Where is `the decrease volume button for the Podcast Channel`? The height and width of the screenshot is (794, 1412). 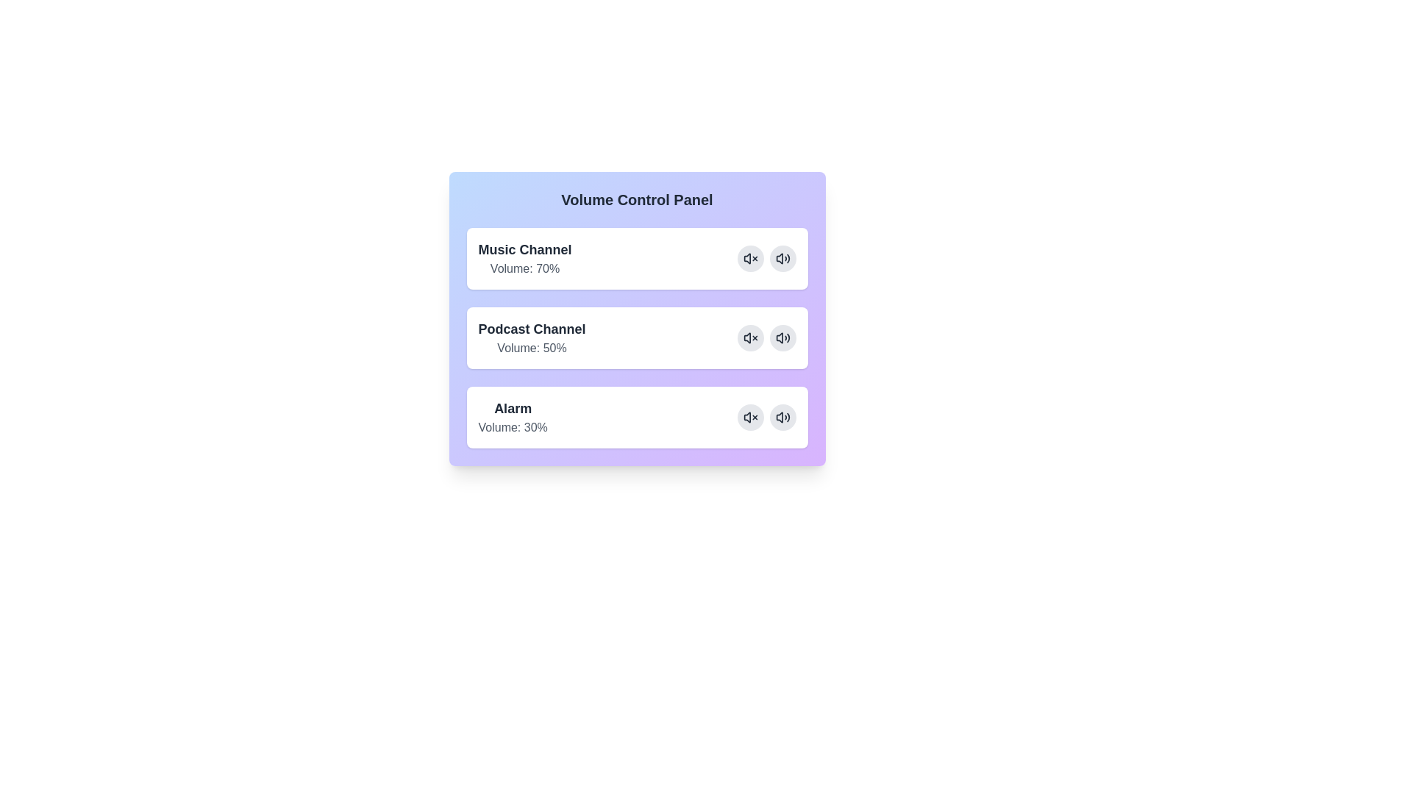 the decrease volume button for the Podcast Channel is located at coordinates (750, 337).